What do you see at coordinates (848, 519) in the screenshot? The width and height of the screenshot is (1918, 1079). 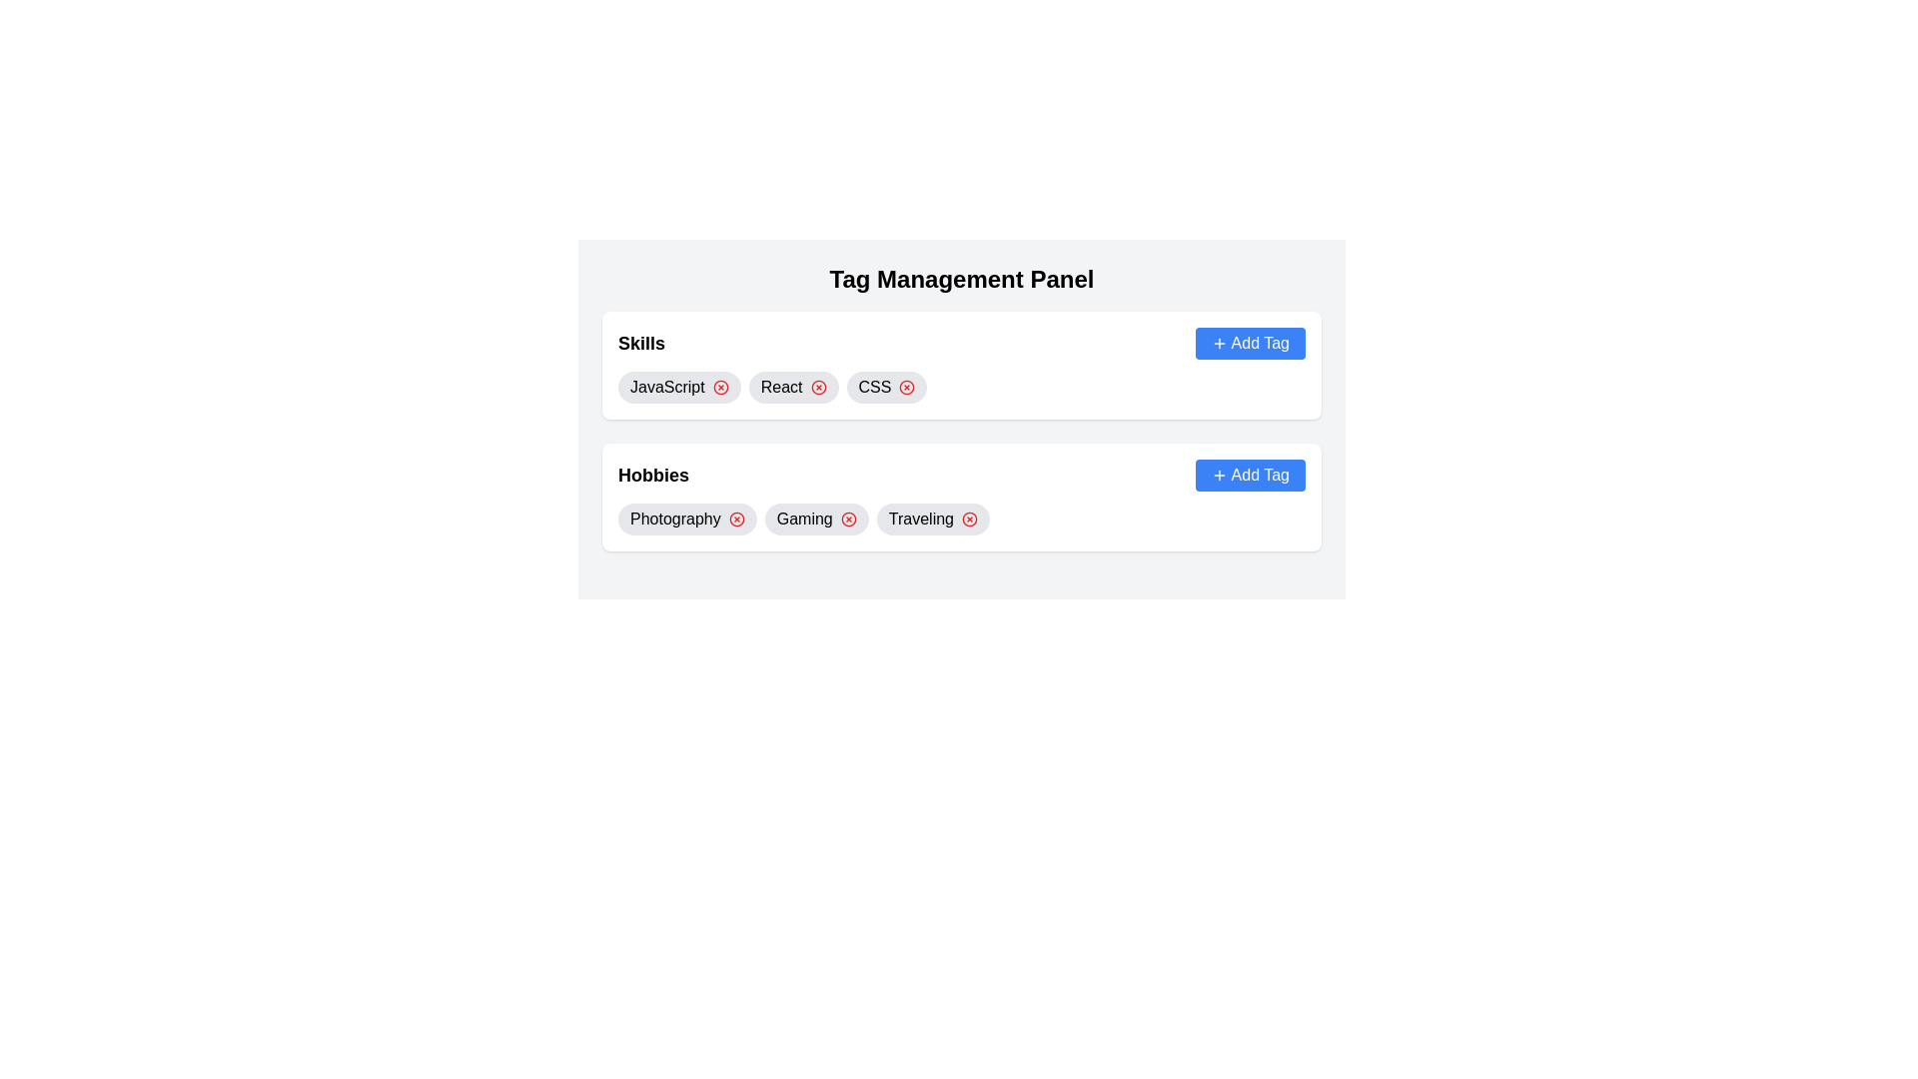 I see `the SVG-based delete button located next to the 'Gaming' tag in the 'Hobbies' section` at bounding box center [848, 519].